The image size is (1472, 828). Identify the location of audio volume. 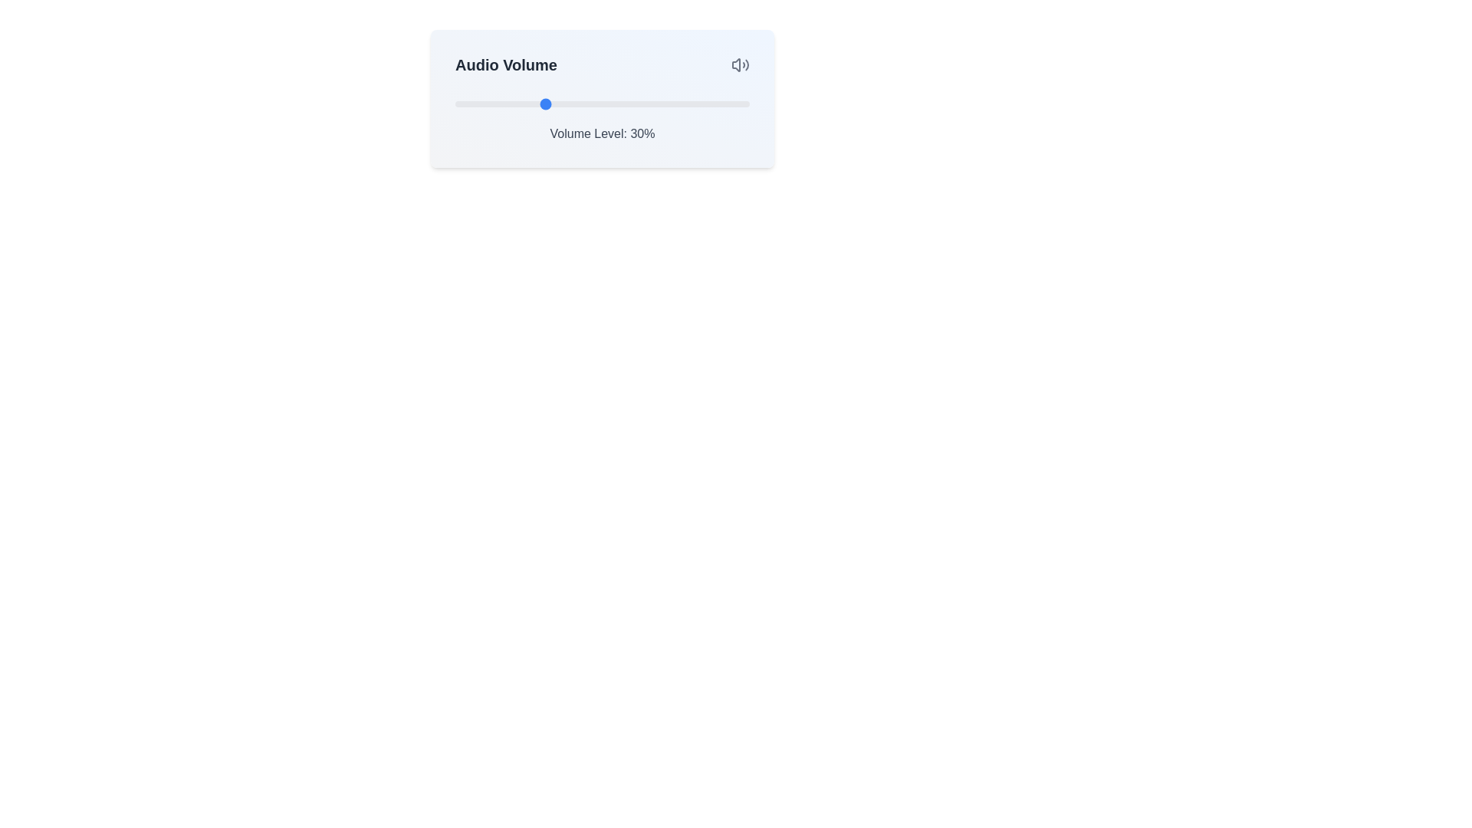
(552, 103).